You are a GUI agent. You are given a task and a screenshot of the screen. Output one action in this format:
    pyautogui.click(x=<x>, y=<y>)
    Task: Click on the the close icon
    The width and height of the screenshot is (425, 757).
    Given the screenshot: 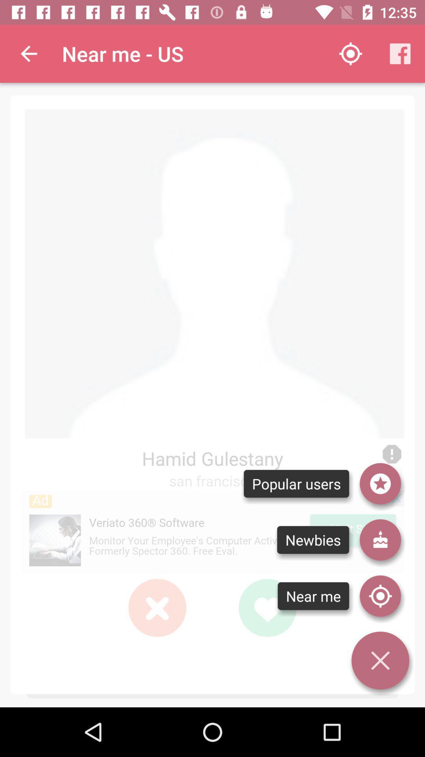 What is the action you would take?
    pyautogui.click(x=157, y=607)
    